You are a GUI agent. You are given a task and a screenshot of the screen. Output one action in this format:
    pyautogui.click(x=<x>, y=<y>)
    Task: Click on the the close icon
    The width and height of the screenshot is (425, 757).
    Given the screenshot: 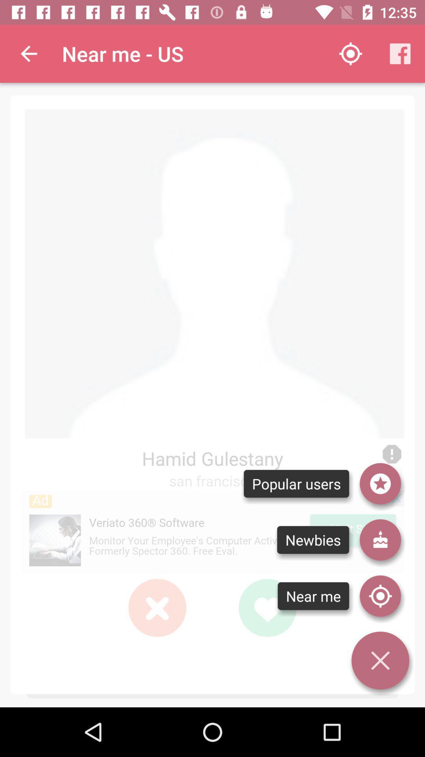 What is the action you would take?
    pyautogui.click(x=157, y=607)
    